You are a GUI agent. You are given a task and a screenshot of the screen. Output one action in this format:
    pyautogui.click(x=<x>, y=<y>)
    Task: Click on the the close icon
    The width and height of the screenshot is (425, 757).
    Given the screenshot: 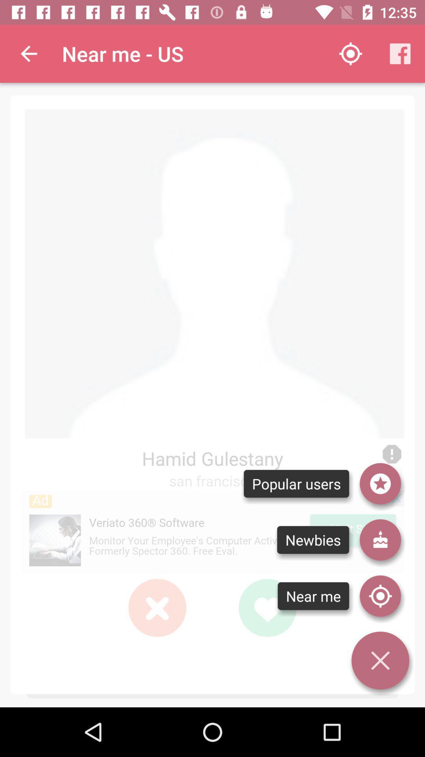 What is the action you would take?
    pyautogui.click(x=157, y=607)
    